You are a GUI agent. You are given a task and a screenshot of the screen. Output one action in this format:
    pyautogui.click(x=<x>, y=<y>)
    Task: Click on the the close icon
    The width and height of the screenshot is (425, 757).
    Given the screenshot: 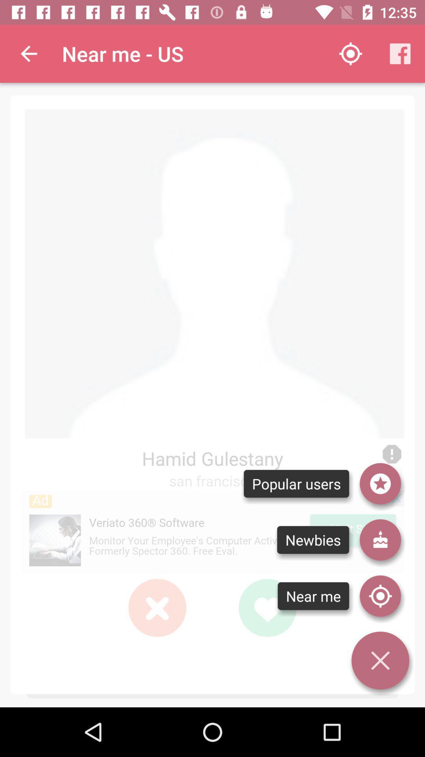 What is the action you would take?
    pyautogui.click(x=157, y=607)
    